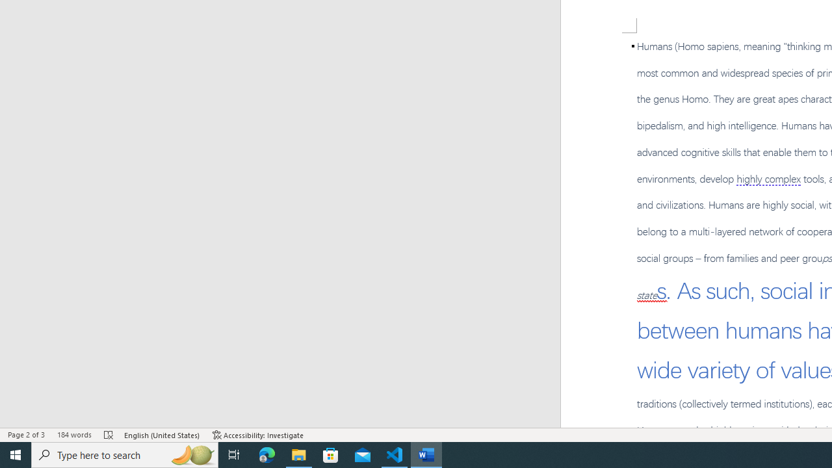 The height and width of the screenshot is (468, 832). I want to click on 'Visual Studio Code - 1 running window', so click(394, 454).